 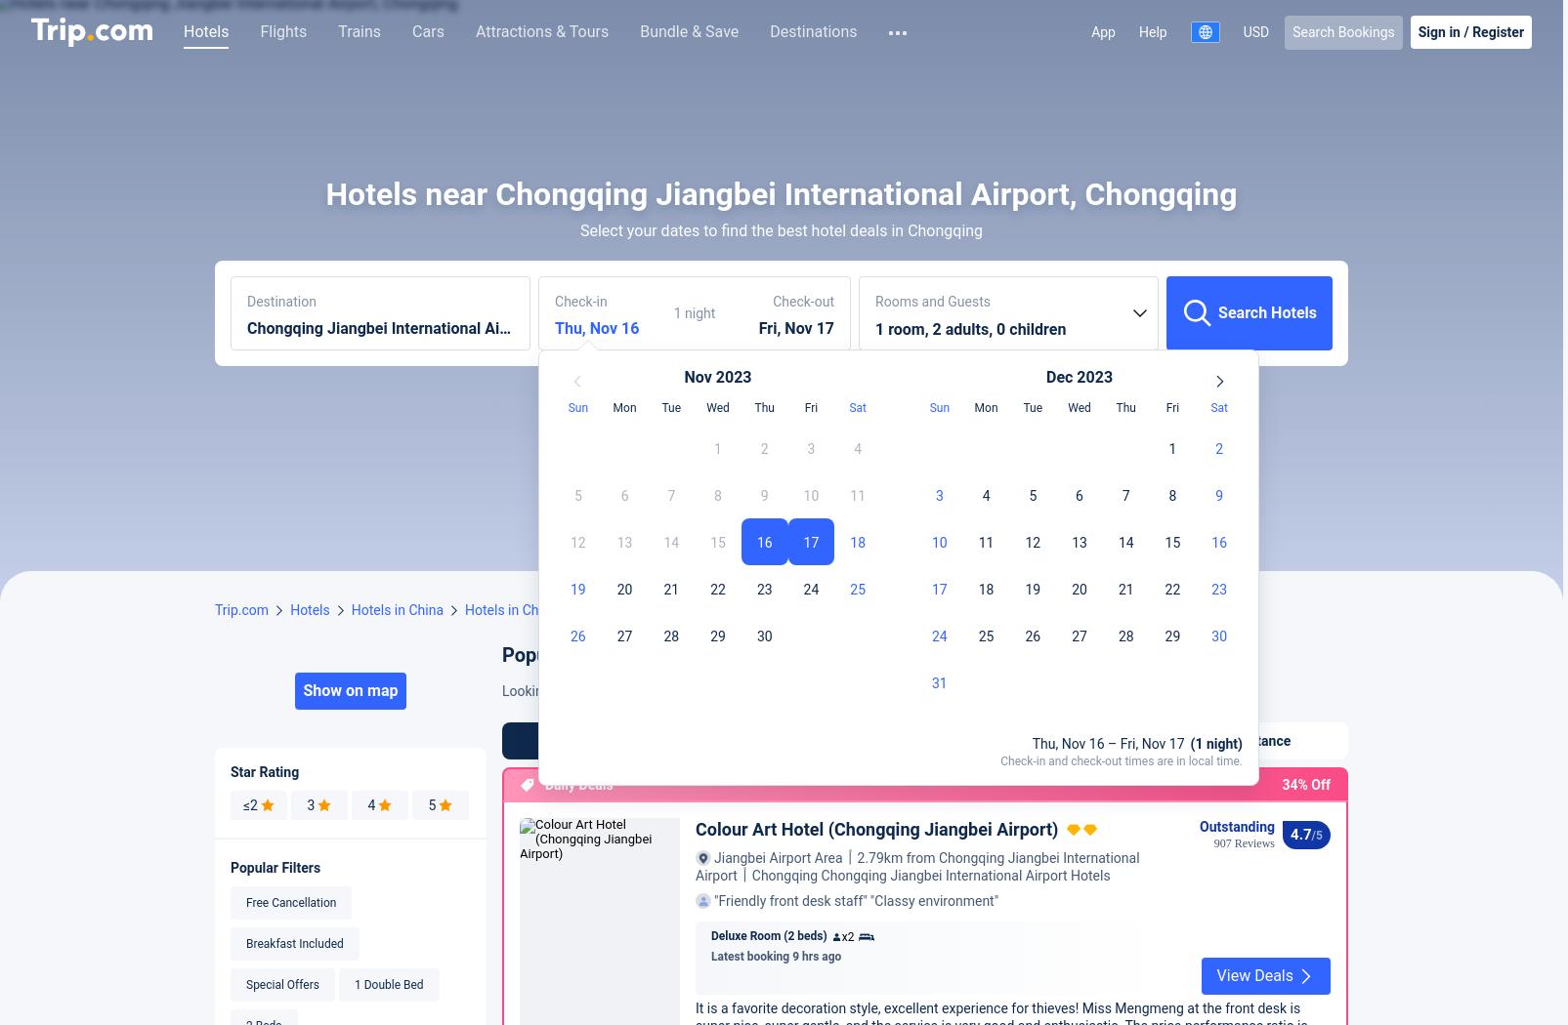 What do you see at coordinates (673, 615) in the screenshot?
I see `'1 night'` at bounding box center [673, 615].